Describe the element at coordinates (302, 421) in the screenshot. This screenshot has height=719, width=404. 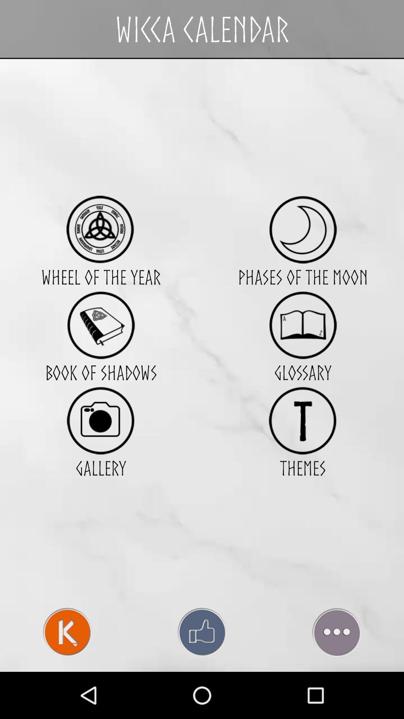
I see `open themes` at that location.